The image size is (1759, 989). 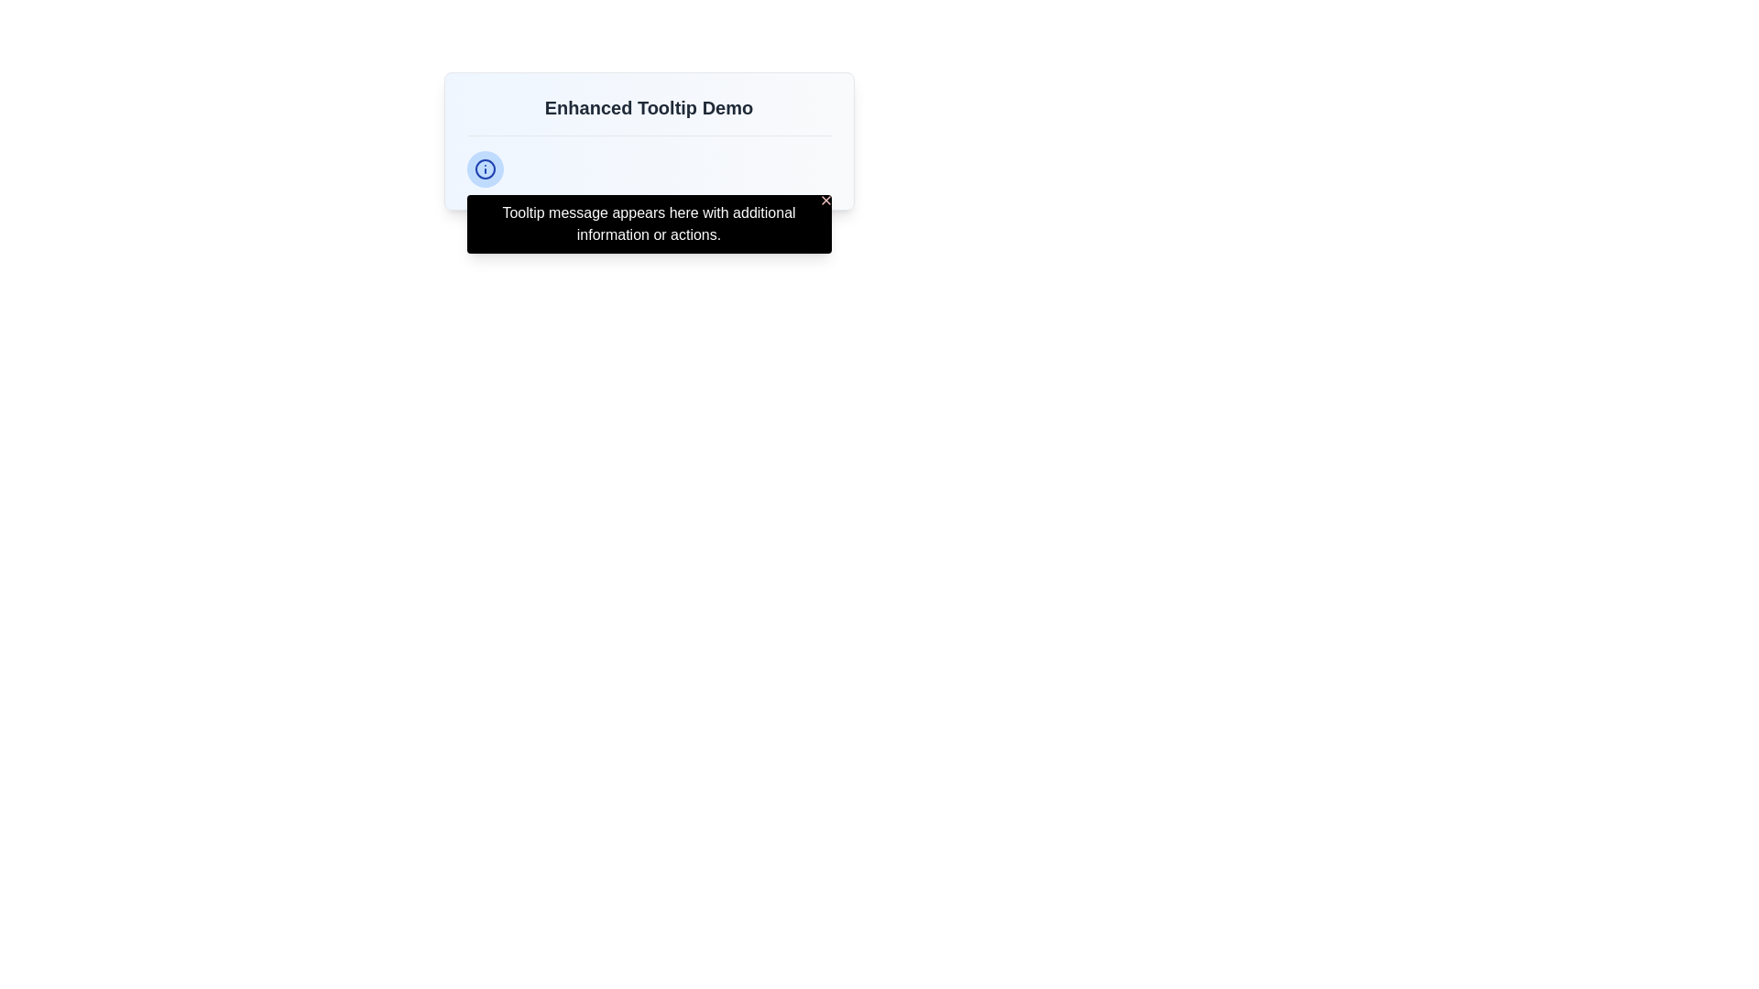 What do you see at coordinates (485, 169) in the screenshot?
I see `the circular information icon represented by a vector graphic element, located at the center of a 24x24 pixel box near the left side of the tooltip's title text` at bounding box center [485, 169].